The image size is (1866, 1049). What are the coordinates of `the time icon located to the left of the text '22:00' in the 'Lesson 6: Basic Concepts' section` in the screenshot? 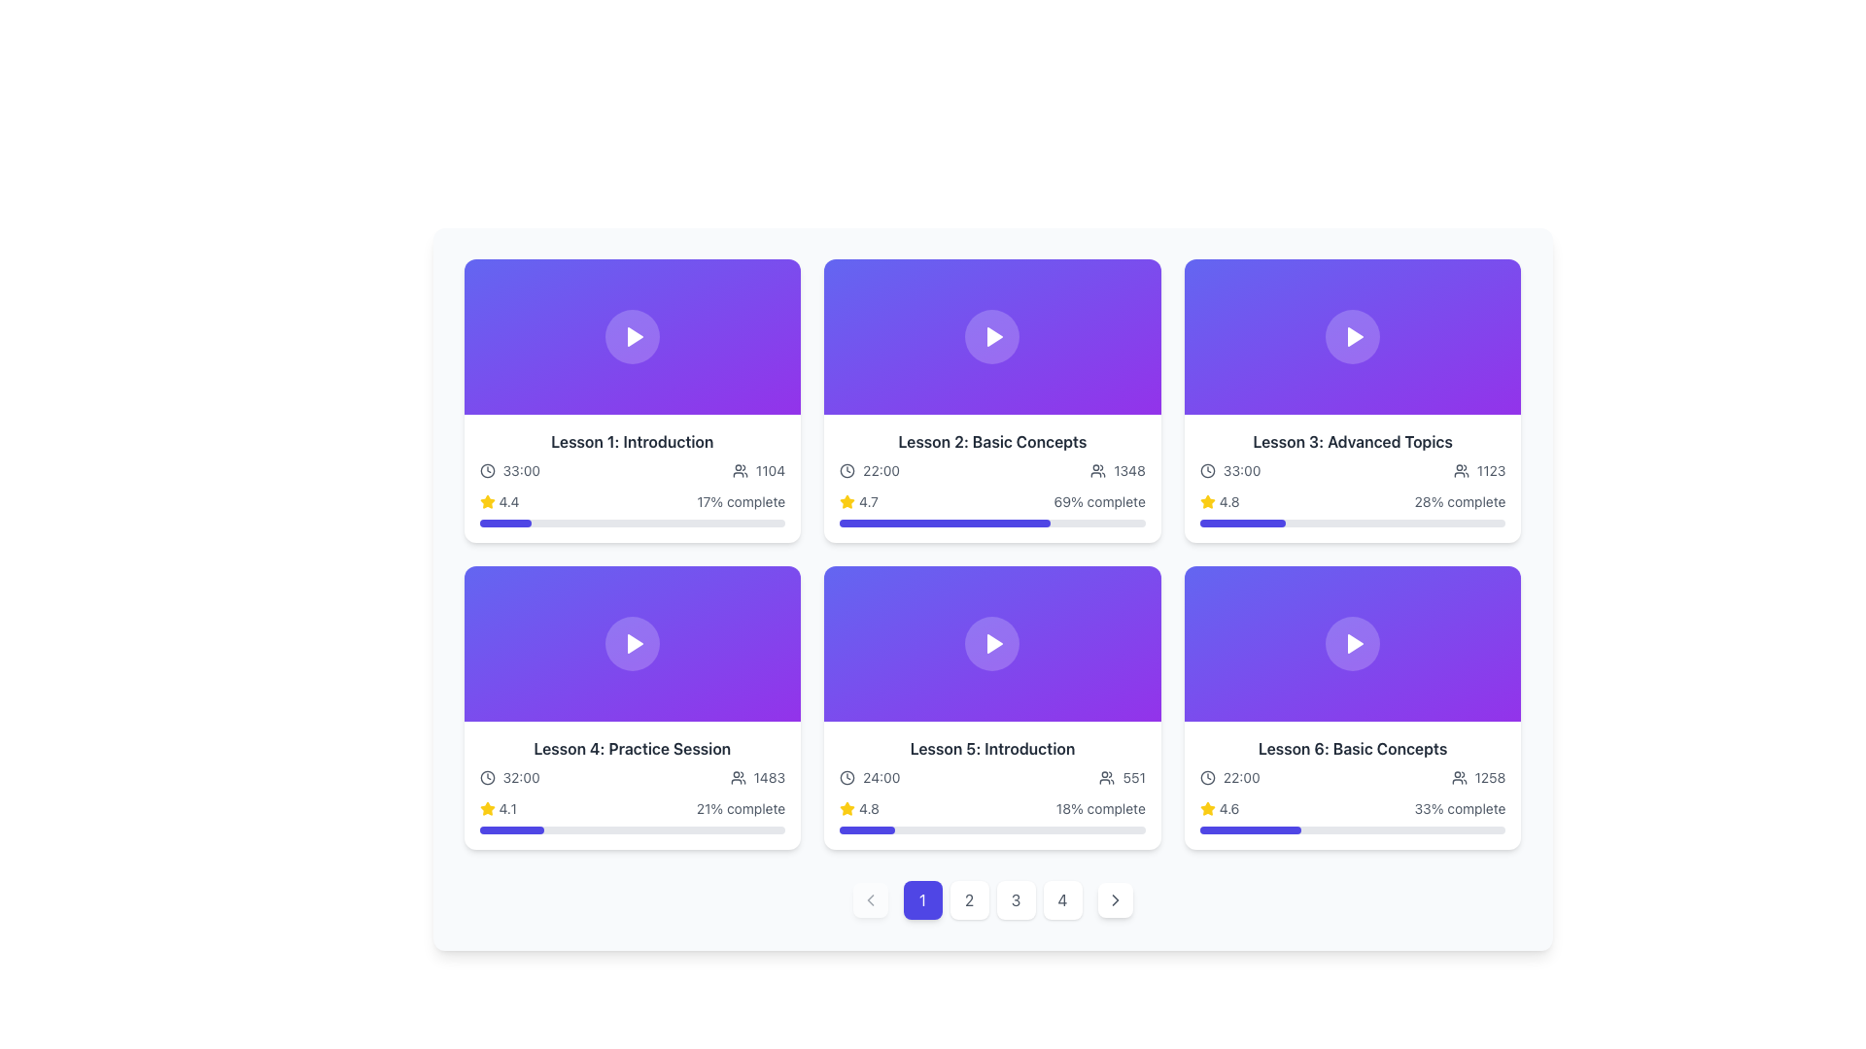 It's located at (1206, 777).